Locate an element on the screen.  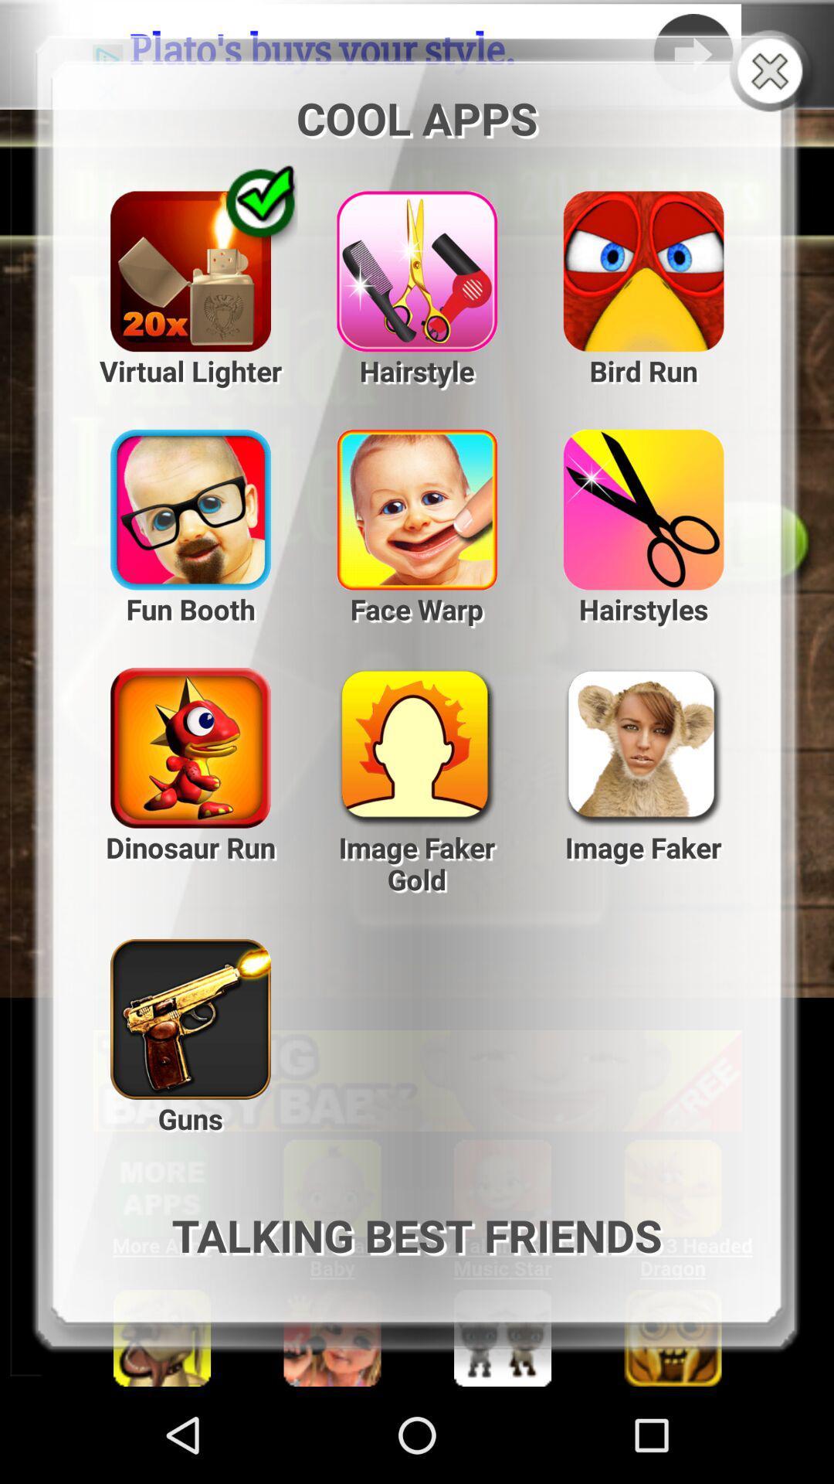
the close icon is located at coordinates (773, 77).